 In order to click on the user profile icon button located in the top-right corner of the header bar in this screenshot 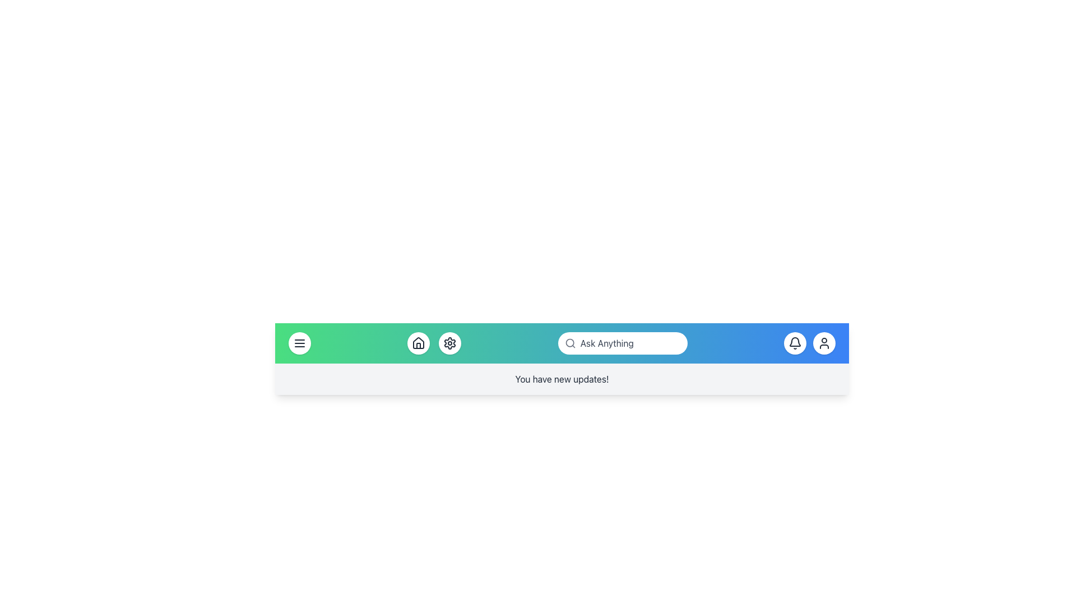, I will do `click(824, 343)`.